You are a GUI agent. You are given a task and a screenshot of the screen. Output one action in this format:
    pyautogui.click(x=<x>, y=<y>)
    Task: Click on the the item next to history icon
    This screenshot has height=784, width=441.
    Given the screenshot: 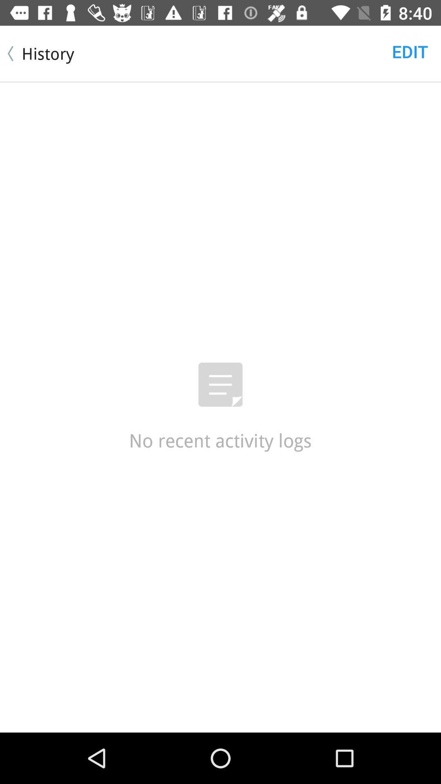 What is the action you would take?
    pyautogui.click(x=410, y=51)
    